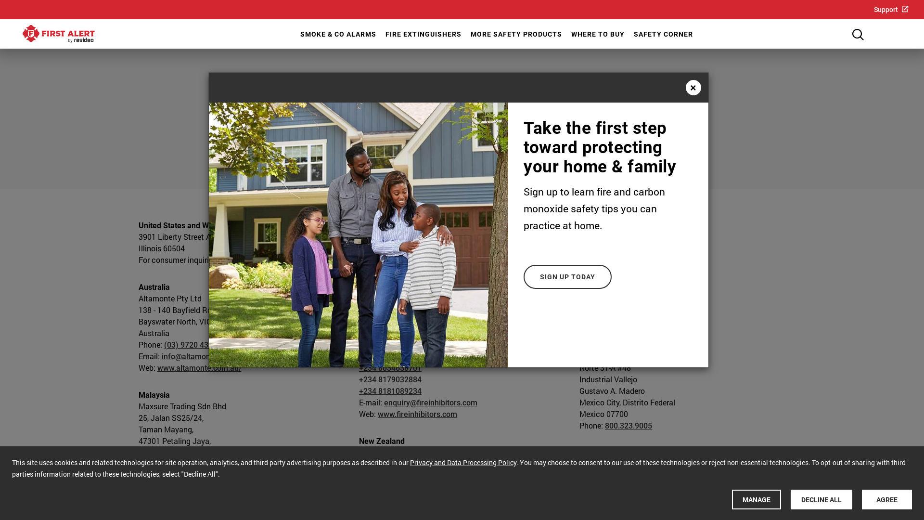  I want to click on '(03) 9720 4333', so click(190, 344).